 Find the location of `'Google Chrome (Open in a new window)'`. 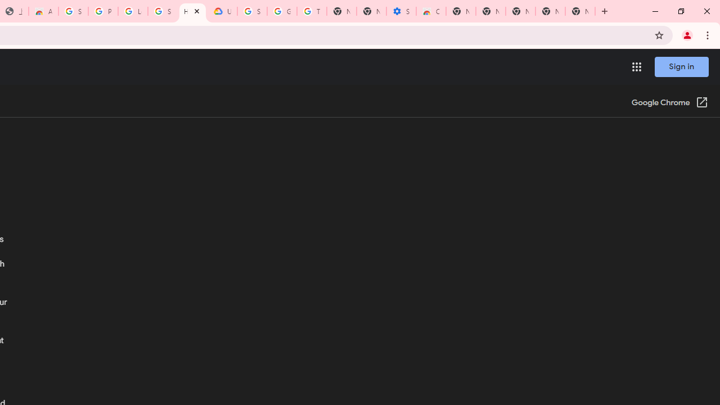

'Google Chrome (Open in a new window)' is located at coordinates (670, 103).